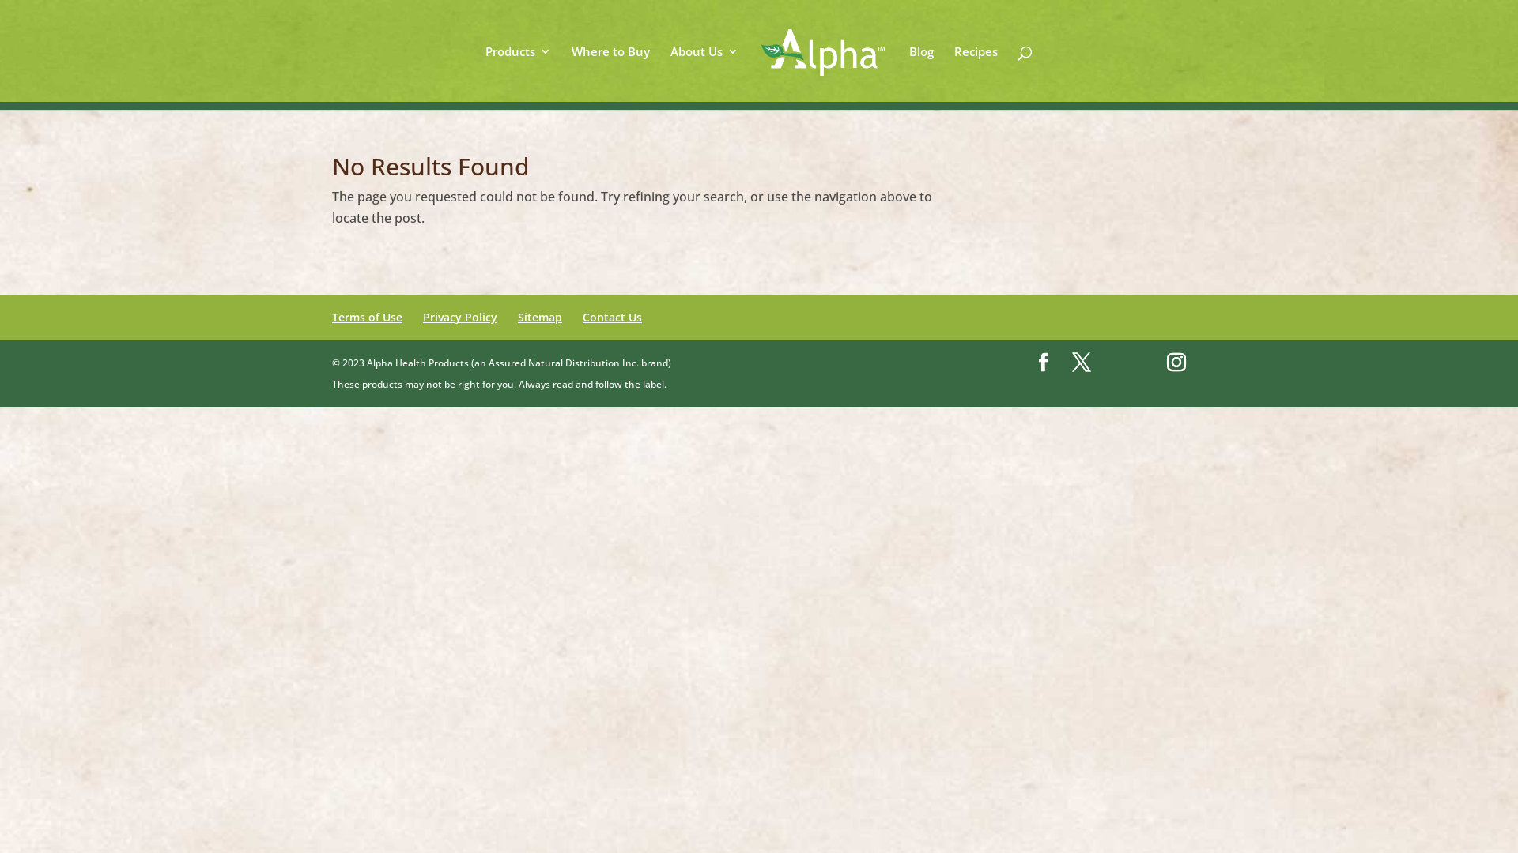  What do you see at coordinates (366, 317) in the screenshot?
I see `'Terms of Use'` at bounding box center [366, 317].